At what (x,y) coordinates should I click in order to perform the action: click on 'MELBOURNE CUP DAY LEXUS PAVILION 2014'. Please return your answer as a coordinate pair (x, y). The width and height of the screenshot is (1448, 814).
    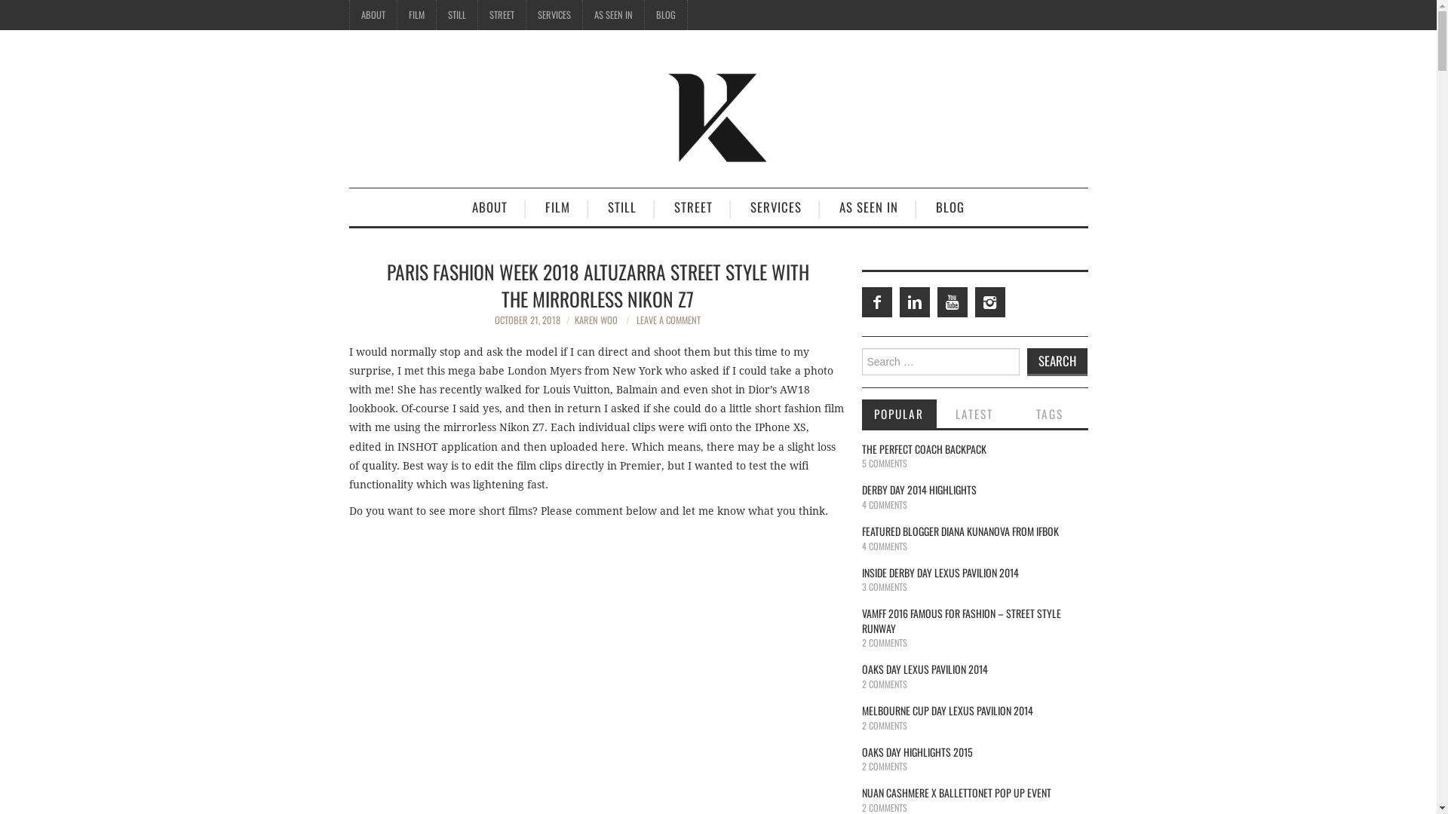
    Looking at the image, I should click on (946, 710).